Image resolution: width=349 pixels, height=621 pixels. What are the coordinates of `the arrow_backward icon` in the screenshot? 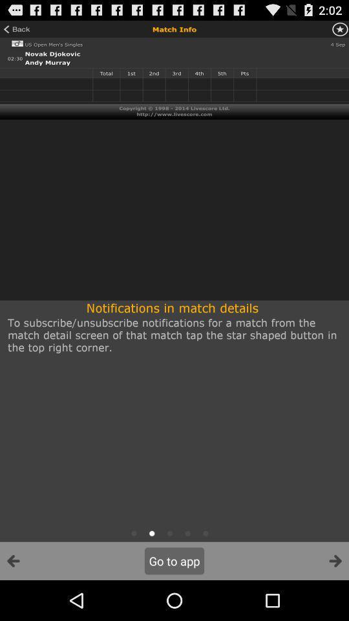 It's located at (13, 600).